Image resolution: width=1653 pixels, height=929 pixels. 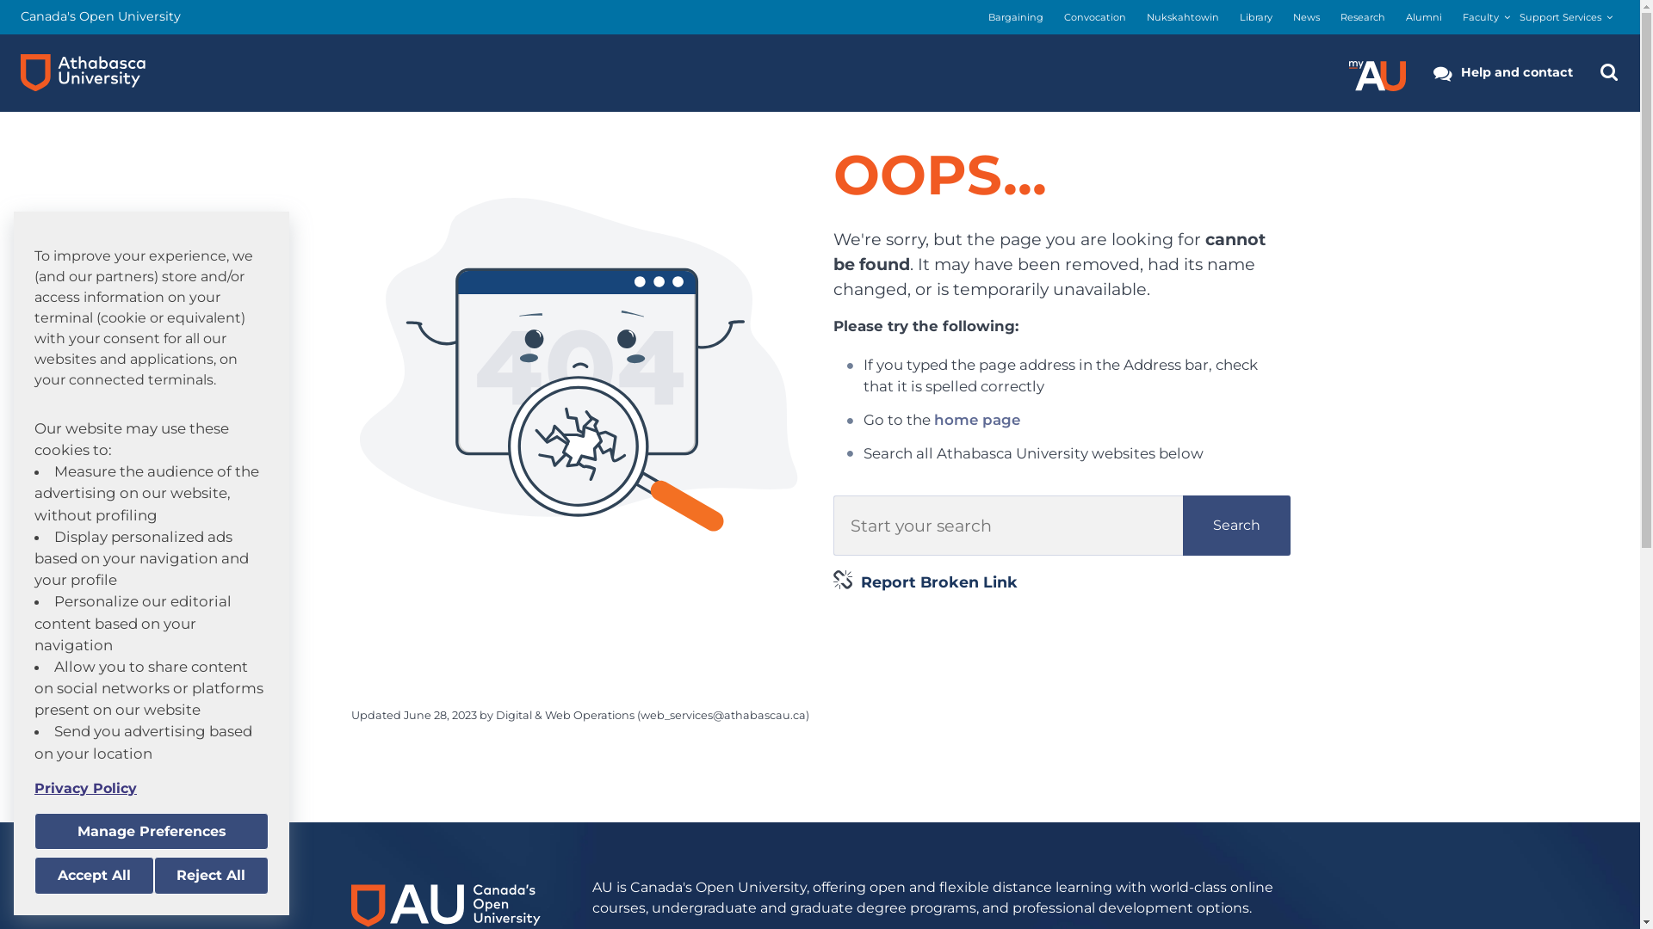 What do you see at coordinates (1181, 17) in the screenshot?
I see `'Nukskahtowin'` at bounding box center [1181, 17].